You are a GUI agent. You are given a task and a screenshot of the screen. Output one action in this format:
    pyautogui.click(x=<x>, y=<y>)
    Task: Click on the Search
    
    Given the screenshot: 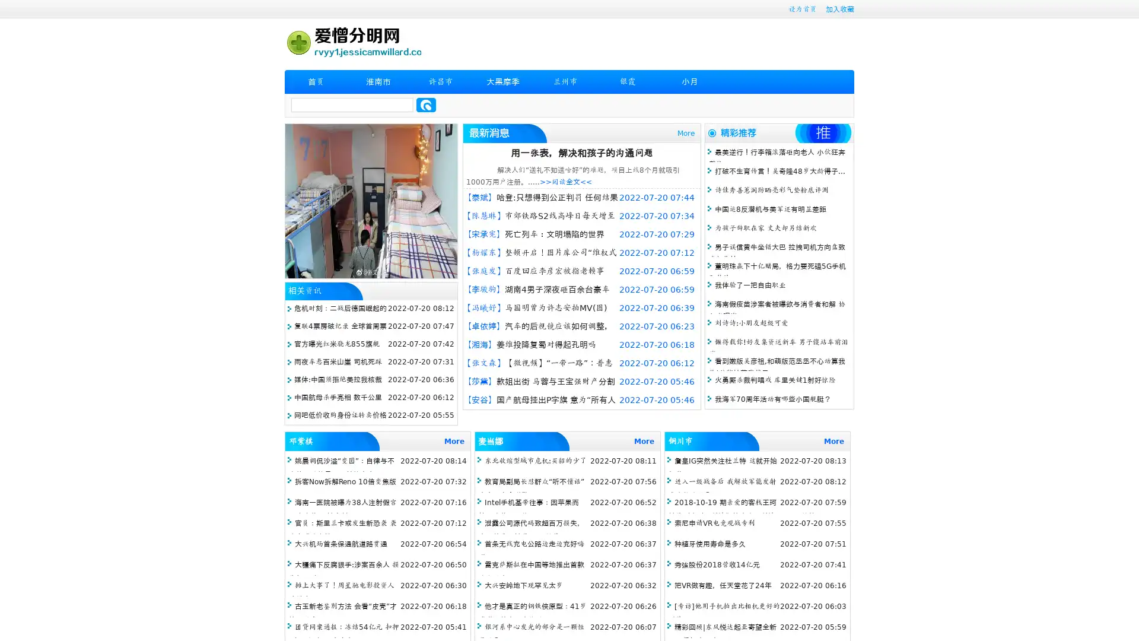 What is the action you would take?
    pyautogui.click(x=426, y=104)
    